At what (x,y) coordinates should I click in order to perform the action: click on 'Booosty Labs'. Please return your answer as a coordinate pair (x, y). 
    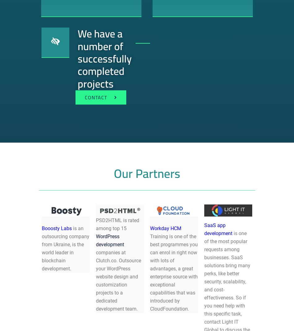
    Looking at the image, I should click on (41, 228).